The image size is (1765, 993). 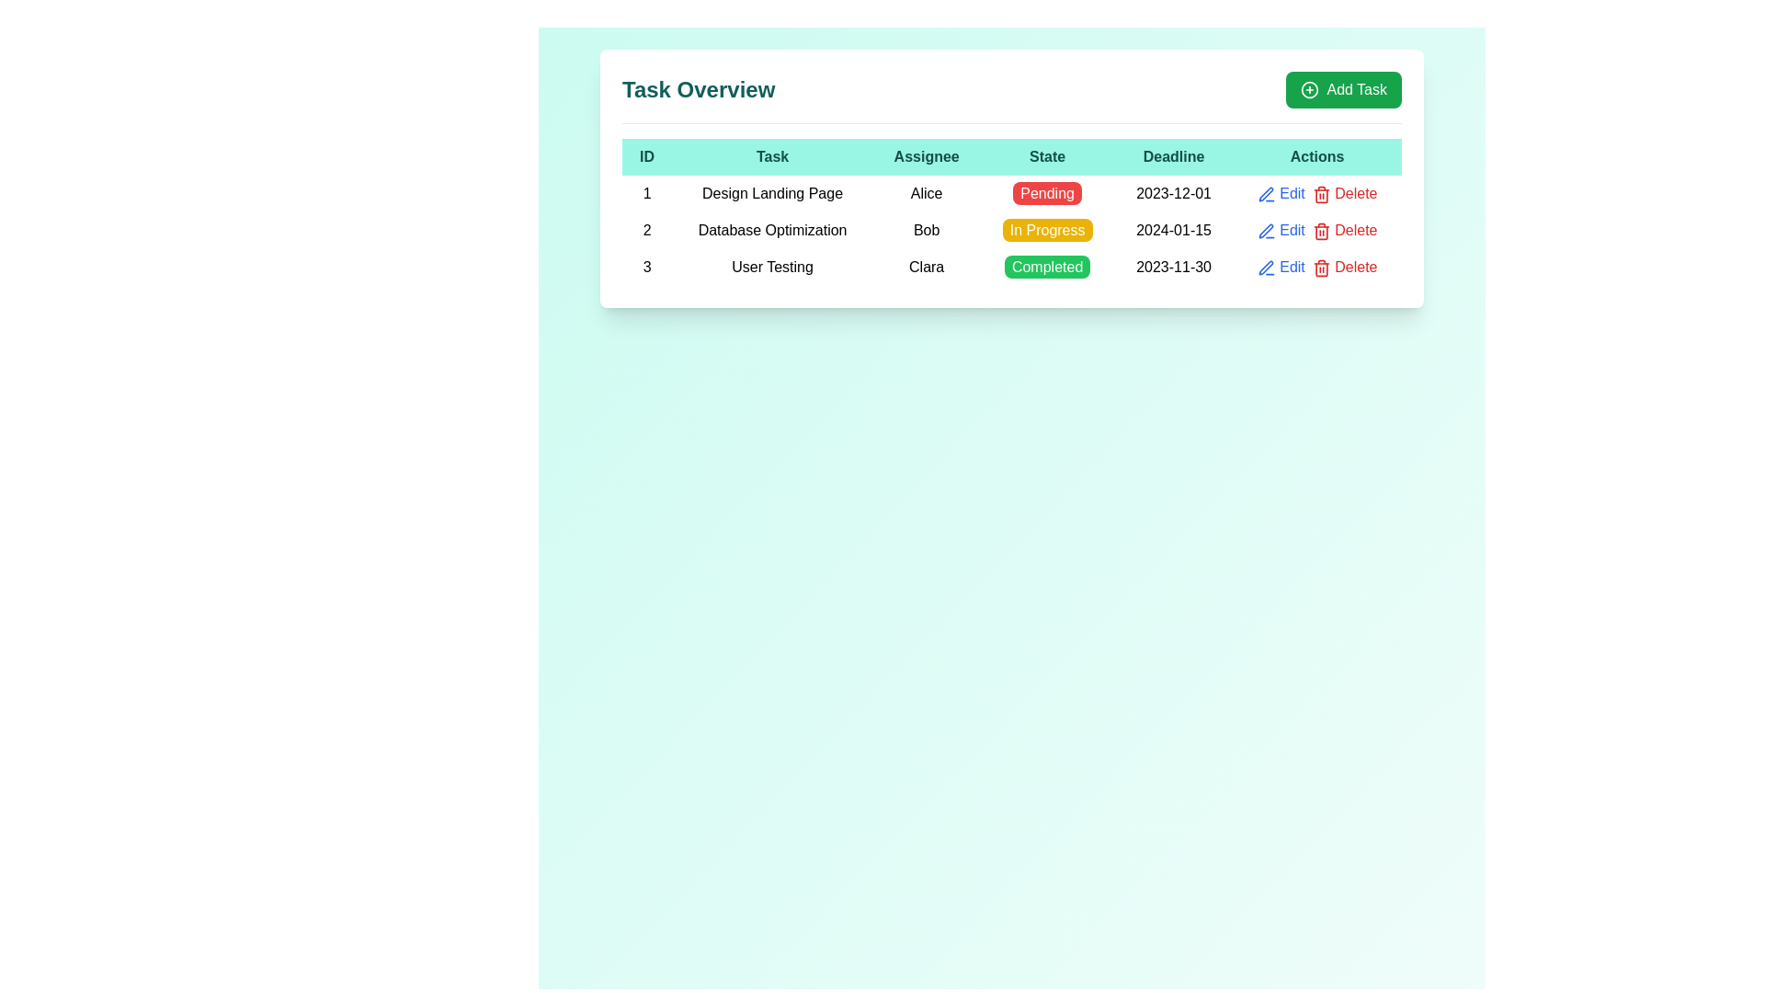 What do you see at coordinates (1265, 194) in the screenshot?
I see `the 'Edit' icon in the 'Actions' column of the data table` at bounding box center [1265, 194].